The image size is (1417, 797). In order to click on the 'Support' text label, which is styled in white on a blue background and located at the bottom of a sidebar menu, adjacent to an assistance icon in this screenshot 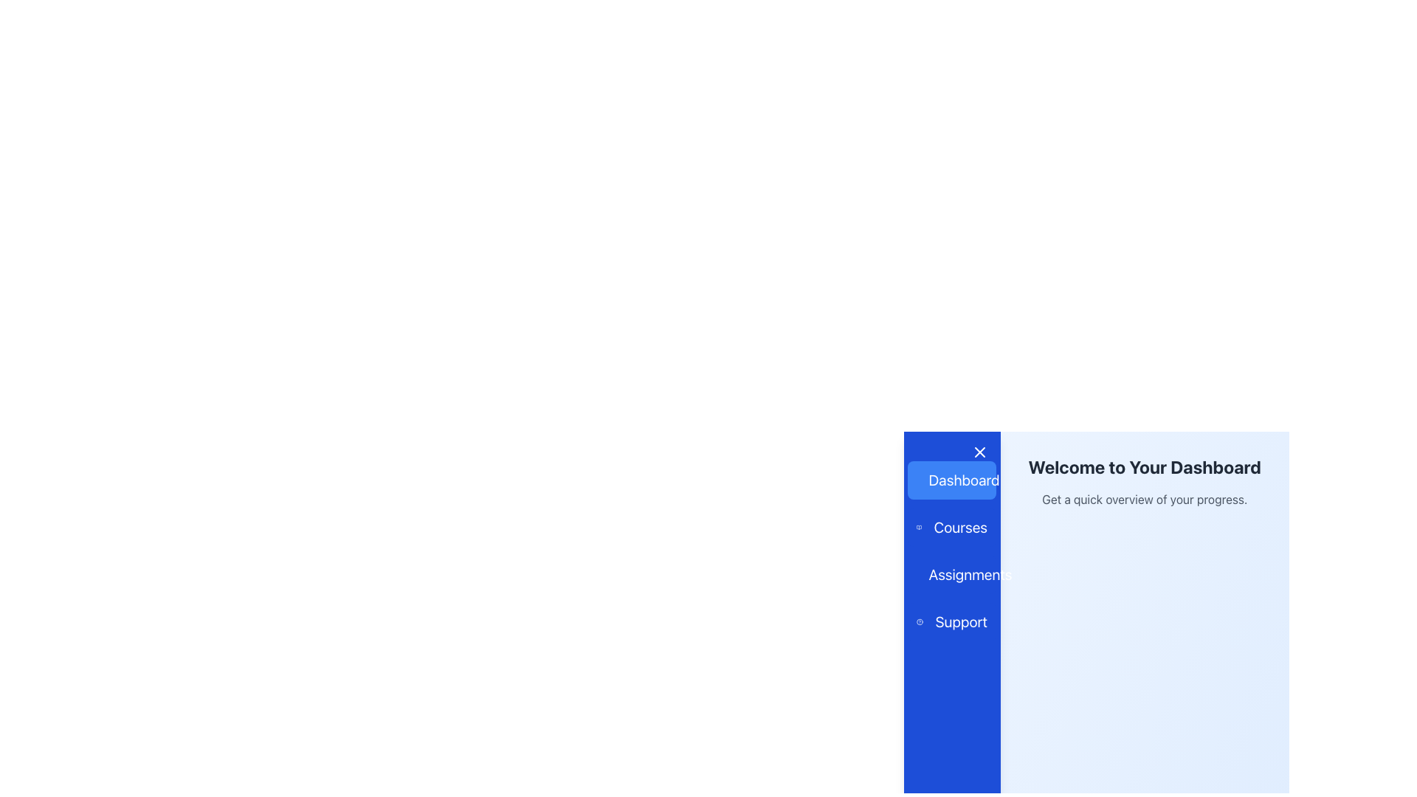, I will do `click(961, 622)`.